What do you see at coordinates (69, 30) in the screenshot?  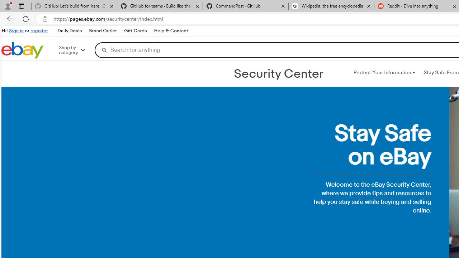 I see `'Daily Deals'` at bounding box center [69, 30].